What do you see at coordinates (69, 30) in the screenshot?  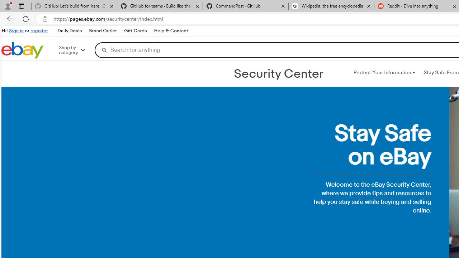 I see `'Daily Deals'` at bounding box center [69, 30].